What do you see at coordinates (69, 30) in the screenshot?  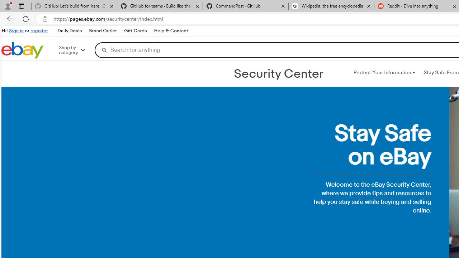 I see `'Daily Deals'` at bounding box center [69, 30].